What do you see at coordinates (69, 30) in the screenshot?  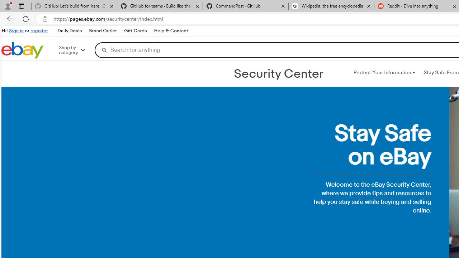 I see `'Daily Deals'` at bounding box center [69, 30].